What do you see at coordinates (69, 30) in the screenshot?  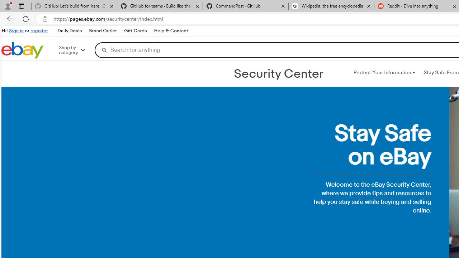 I see `'Daily Deals'` at bounding box center [69, 30].